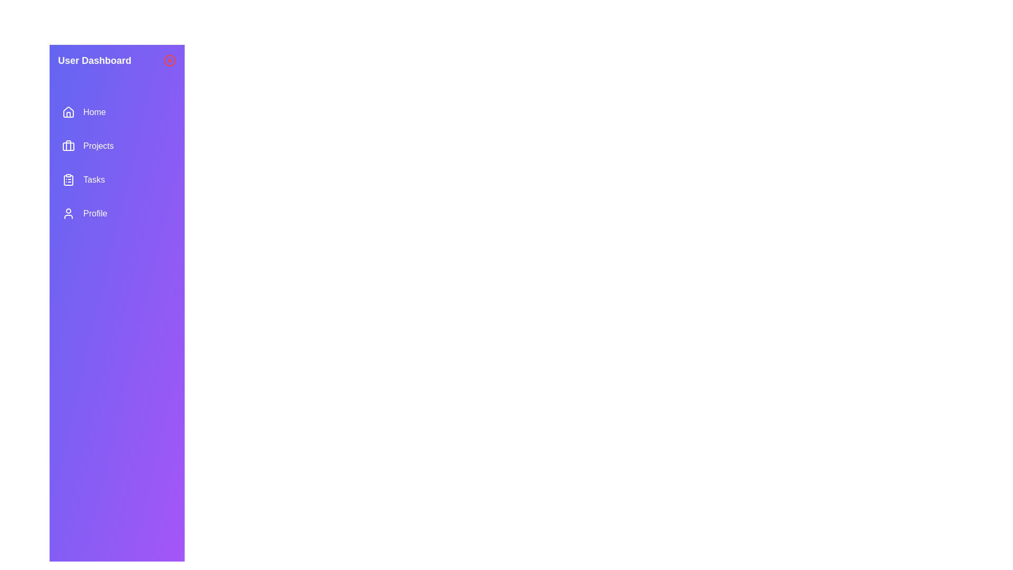 This screenshot has height=570, width=1013. What do you see at coordinates (68, 146) in the screenshot?
I see `the briefcase icon located in the vertical navigation menu to the left of the 'Projects' label` at bounding box center [68, 146].